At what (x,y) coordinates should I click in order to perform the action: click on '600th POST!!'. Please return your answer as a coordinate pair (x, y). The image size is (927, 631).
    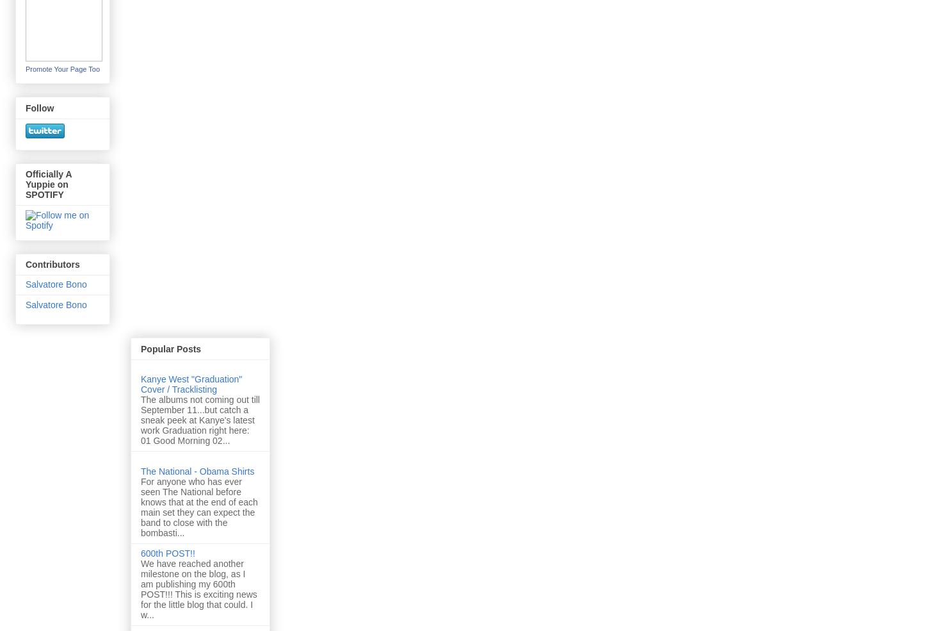
    Looking at the image, I should click on (140, 552).